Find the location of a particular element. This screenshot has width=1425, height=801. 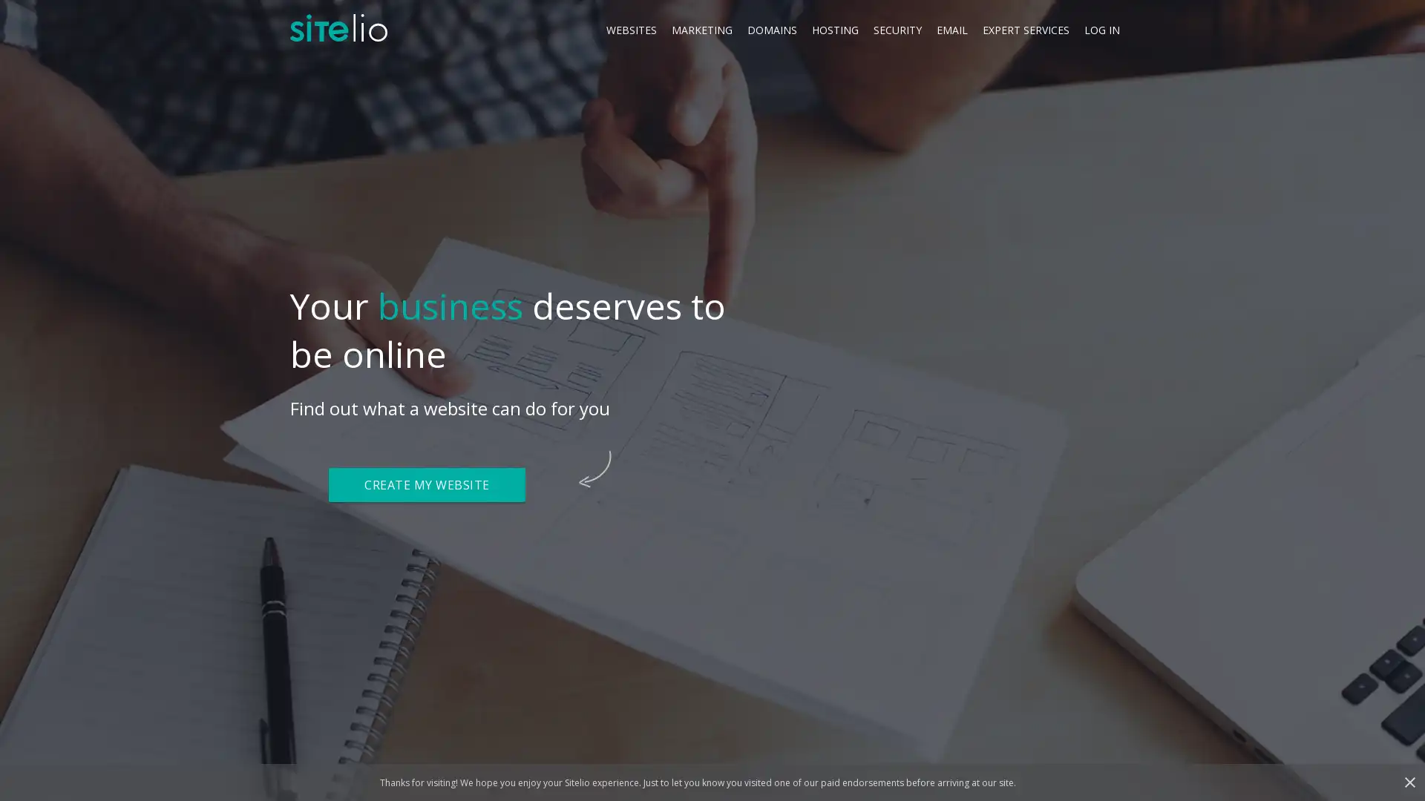

Cookies Settings is located at coordinates (151, 743).